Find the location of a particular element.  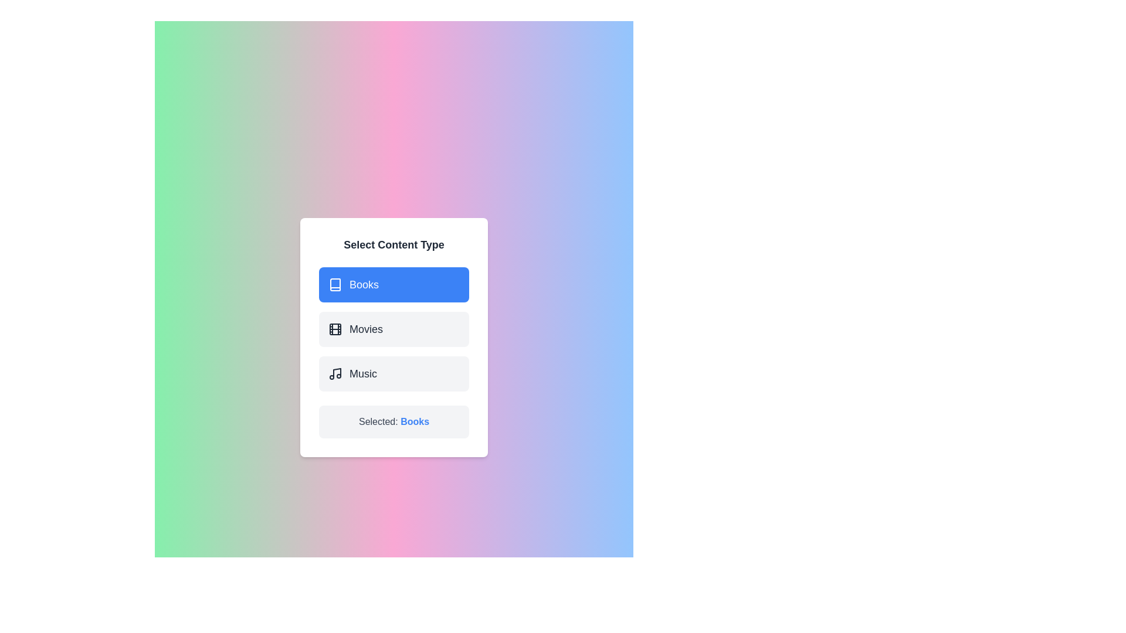

the 'Movies' button, which is the second button in a vertical stack of three is located at coordinates (394, 329).